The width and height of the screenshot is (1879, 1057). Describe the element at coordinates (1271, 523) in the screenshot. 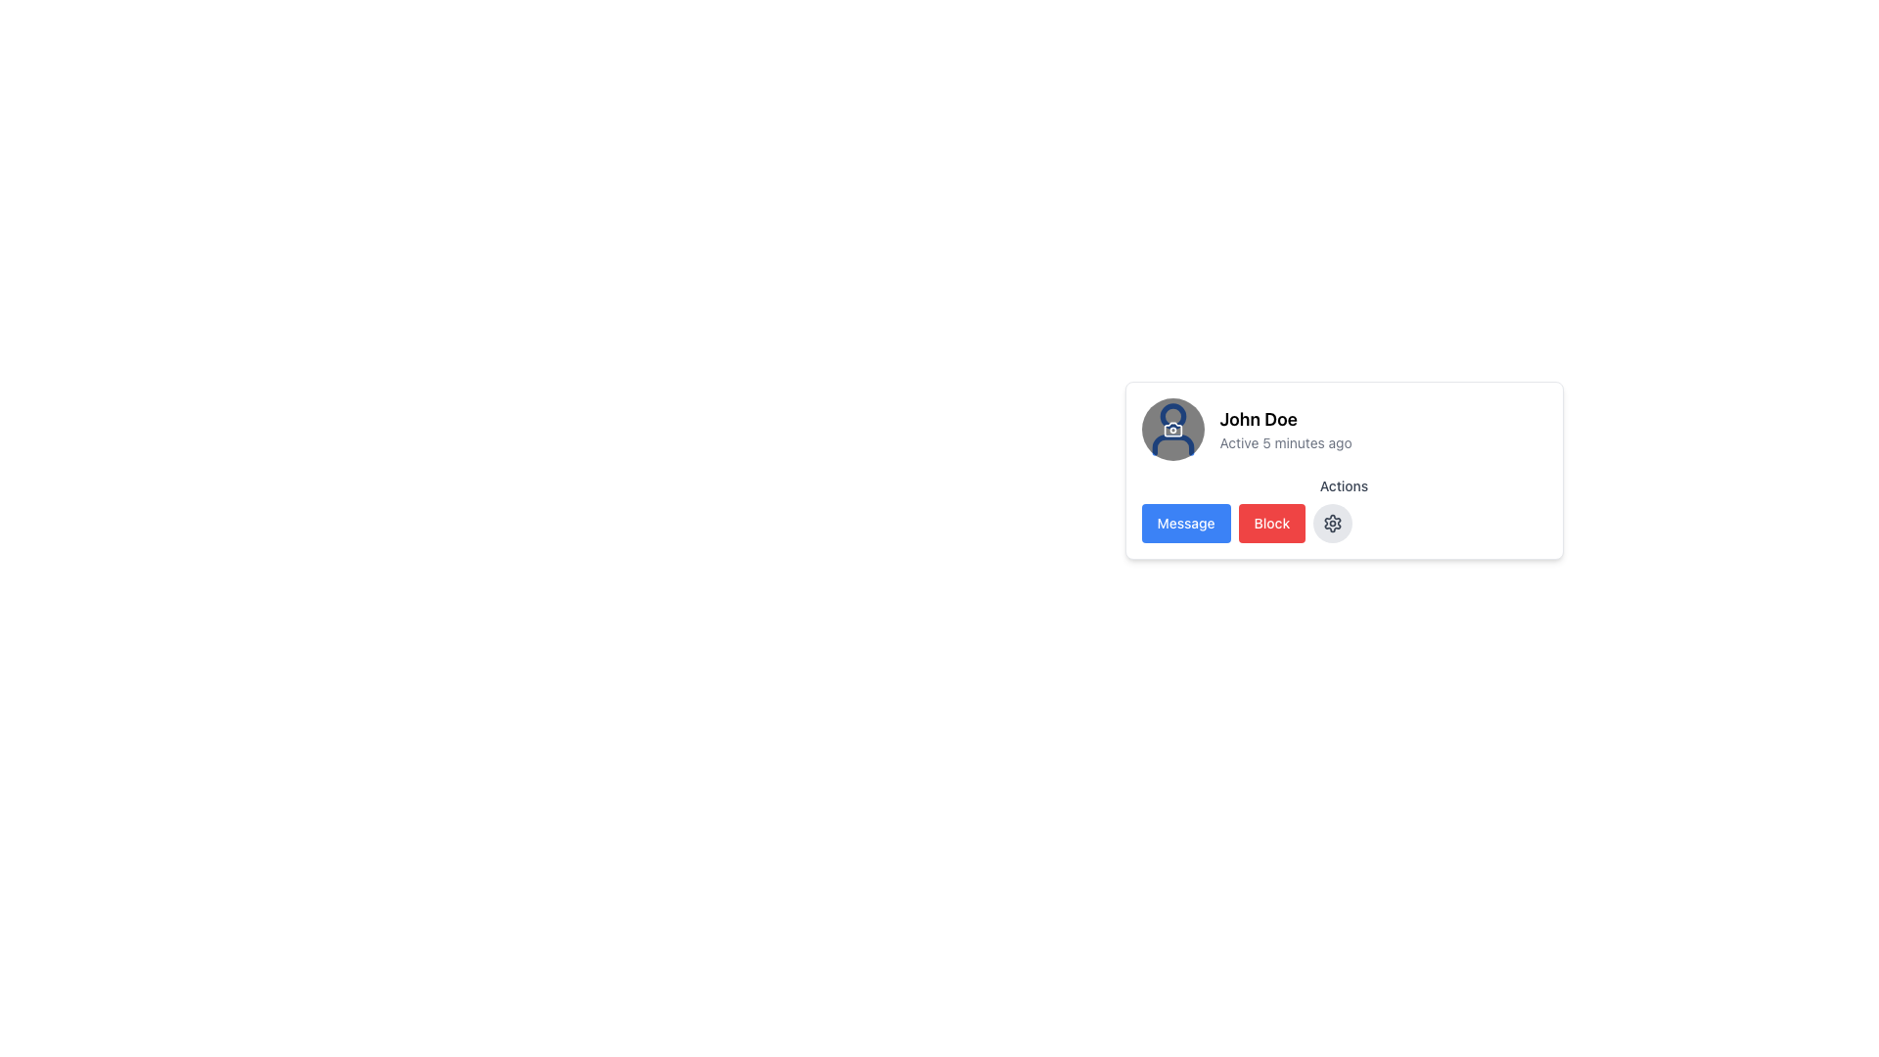

I see `the 'Block' button, which has a red background and is the second button in the horizontal row of actions on the user profile card` at that location.